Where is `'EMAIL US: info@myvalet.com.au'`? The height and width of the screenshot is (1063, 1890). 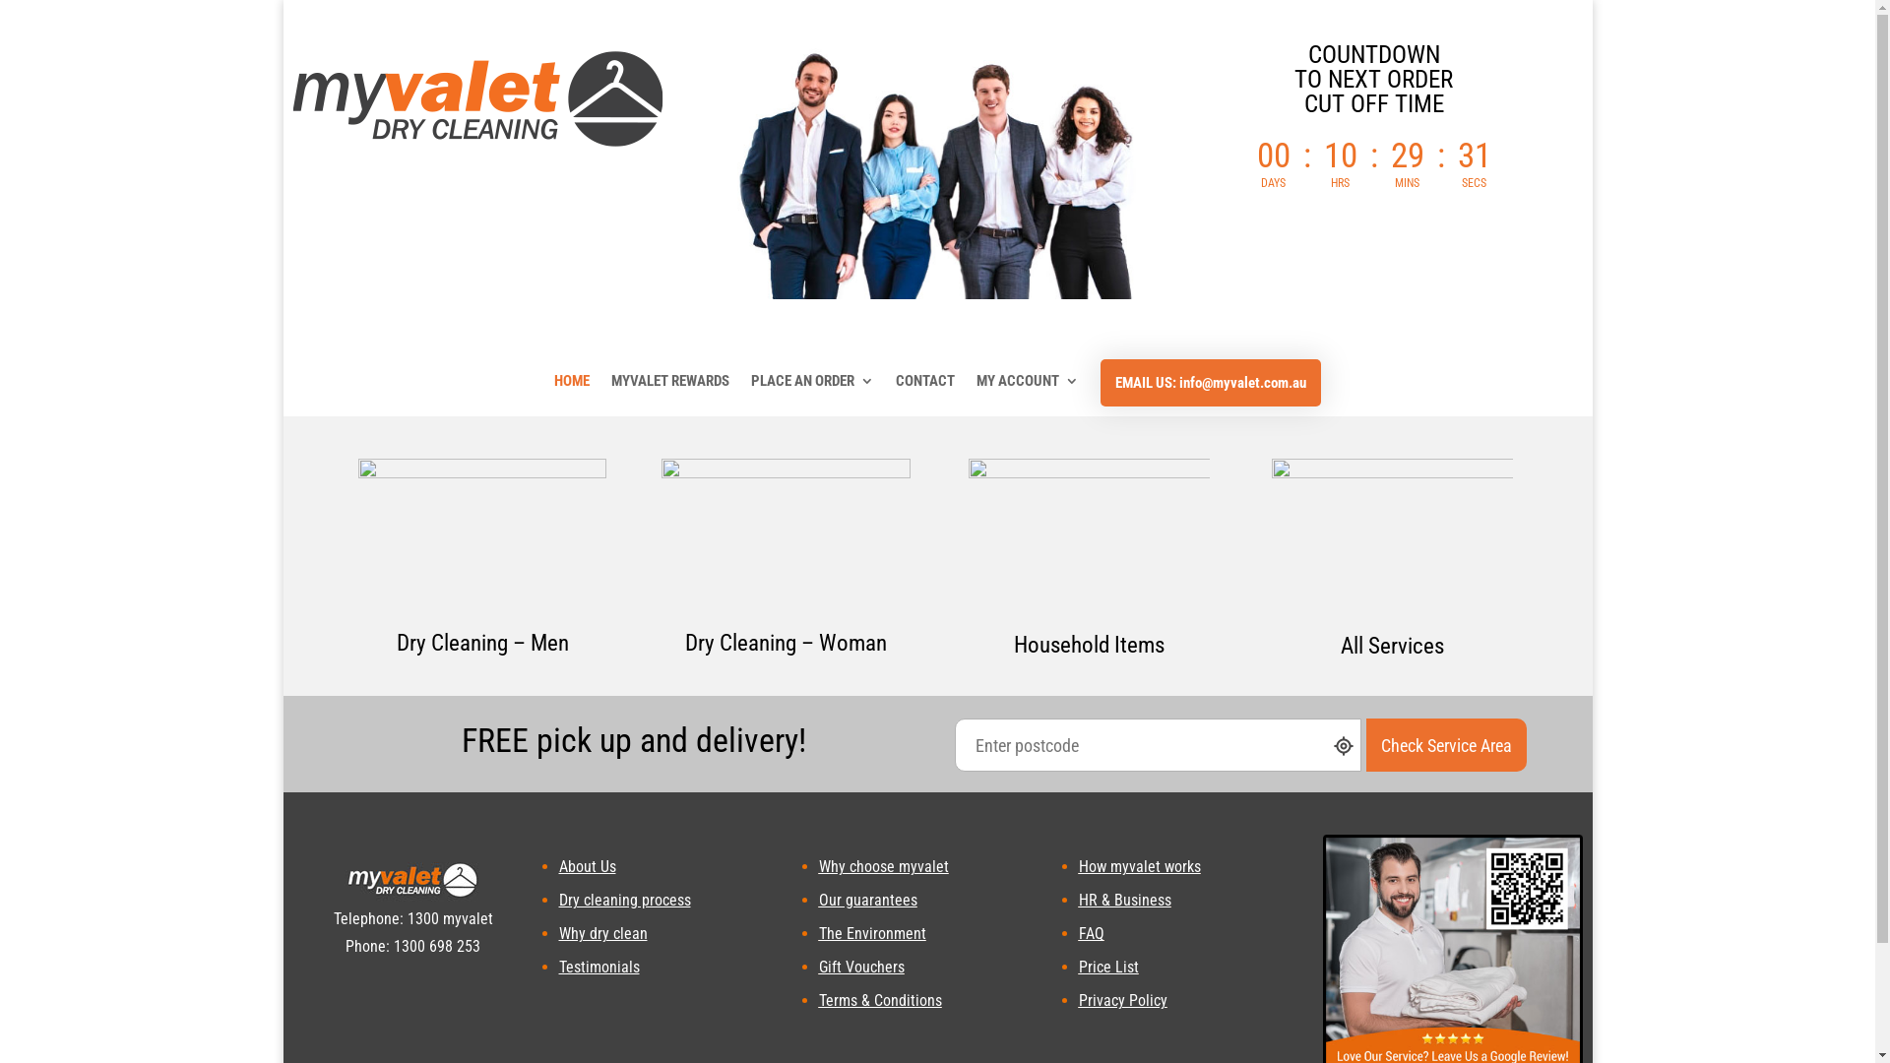 'EMAIL US: info@myvalet.com.au' is located at coordinates (1209, 382).